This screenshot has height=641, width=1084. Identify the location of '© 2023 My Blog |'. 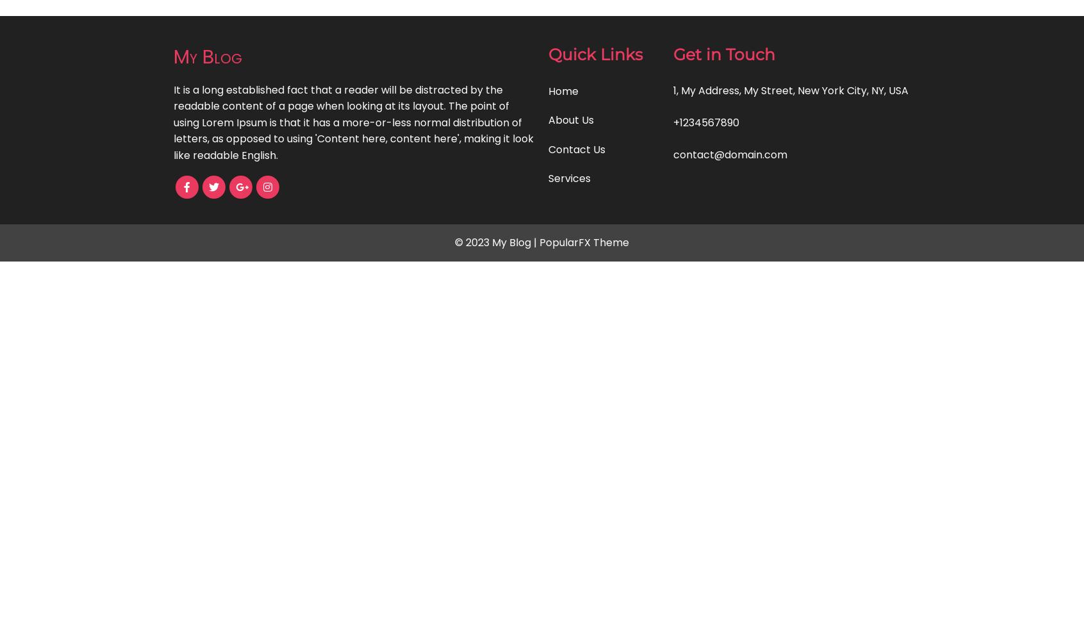
(496, 242).